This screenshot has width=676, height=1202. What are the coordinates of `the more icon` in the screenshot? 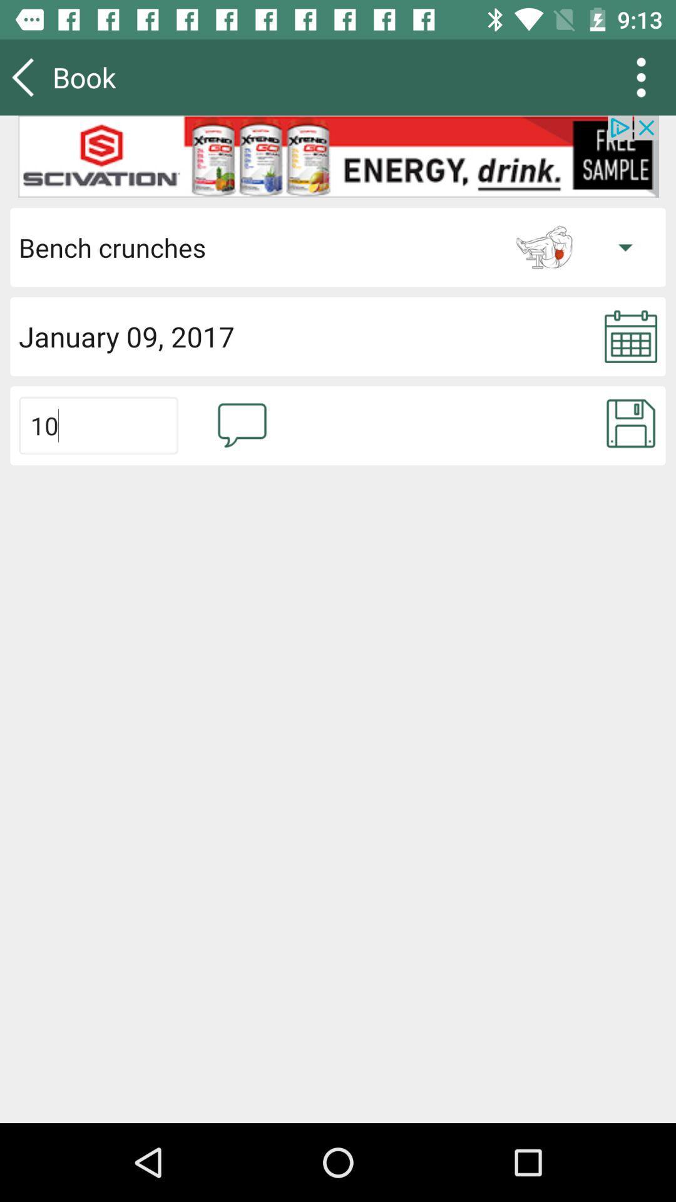 It's located at (645, 76).